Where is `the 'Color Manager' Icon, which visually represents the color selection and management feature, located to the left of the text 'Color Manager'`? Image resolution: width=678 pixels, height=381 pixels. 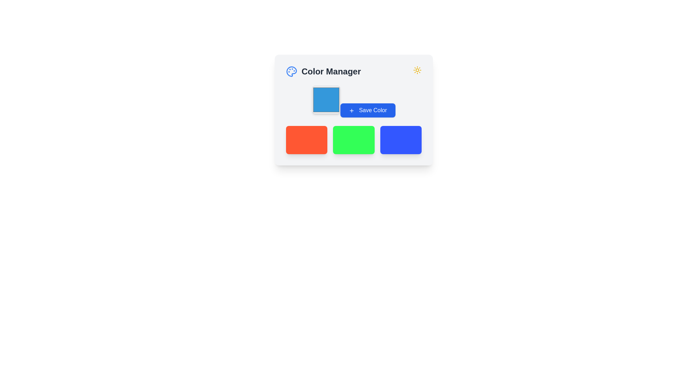
the 'Color Manager' Icon, which visually represents the color selection and management feature, located to the left of the text 'Color Manager' is located at coordinates (291, 72).